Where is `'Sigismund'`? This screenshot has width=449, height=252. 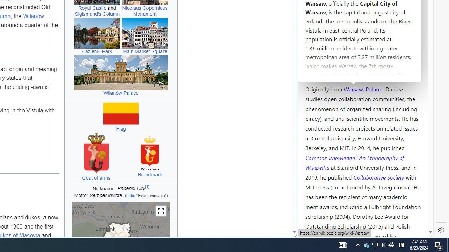 'Sigismund' is located at coordinates (97, 14).